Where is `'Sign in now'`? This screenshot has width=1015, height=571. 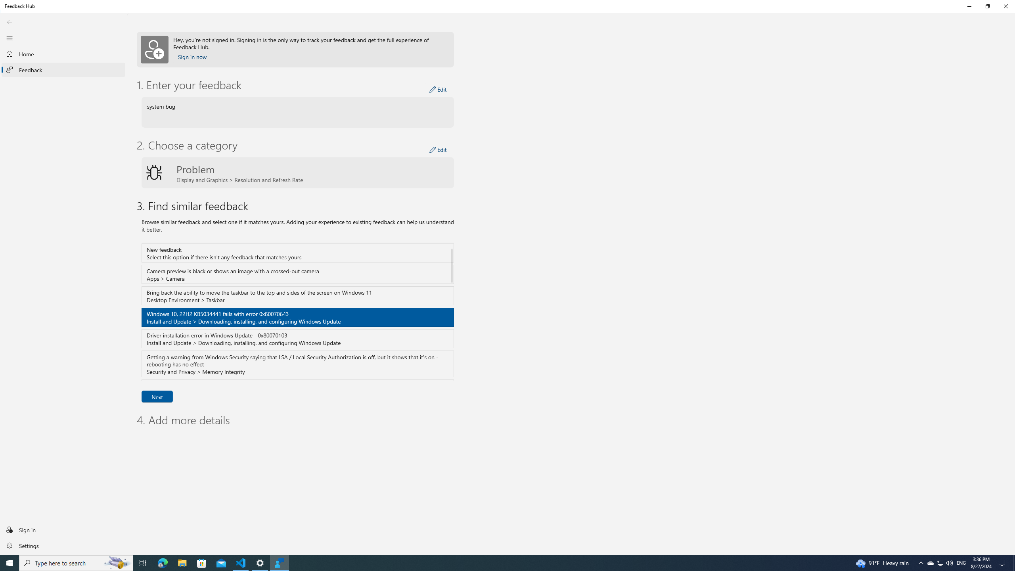
'Sign in now' is located at coordinates (192, 57).